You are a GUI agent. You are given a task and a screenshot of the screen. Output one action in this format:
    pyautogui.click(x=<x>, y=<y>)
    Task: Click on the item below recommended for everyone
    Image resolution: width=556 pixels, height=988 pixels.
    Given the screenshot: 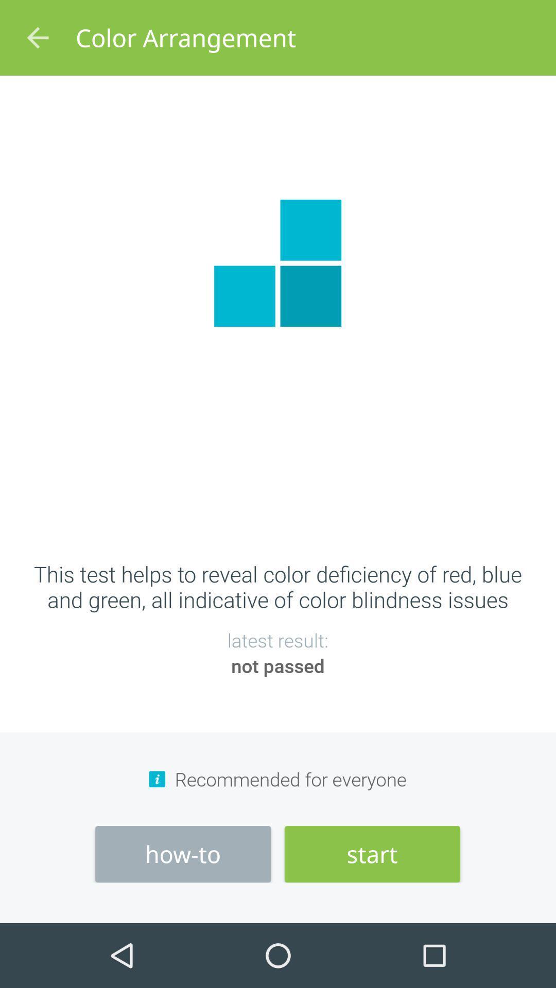 What is the action you would take?
    pyautogui.click(x=372, y=854)
    